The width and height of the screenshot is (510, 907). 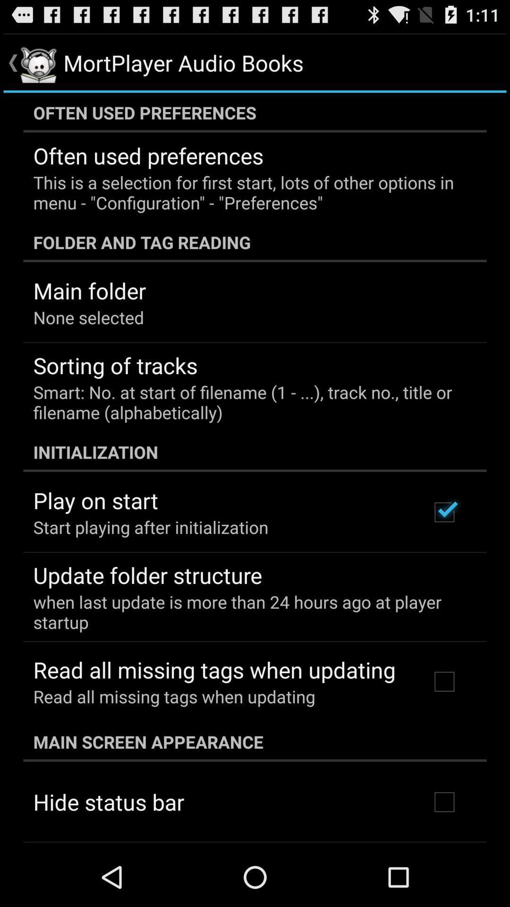 What do you see at coordinates (95, 500) in the screenshot?
I see `the play on start item` at bounding box center [95, 500].